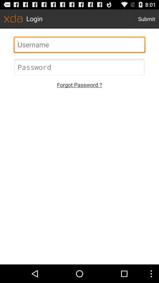  Describe the element at coordinates (146, 19) in the screenshot. I see `item at the top right corner` at that location.